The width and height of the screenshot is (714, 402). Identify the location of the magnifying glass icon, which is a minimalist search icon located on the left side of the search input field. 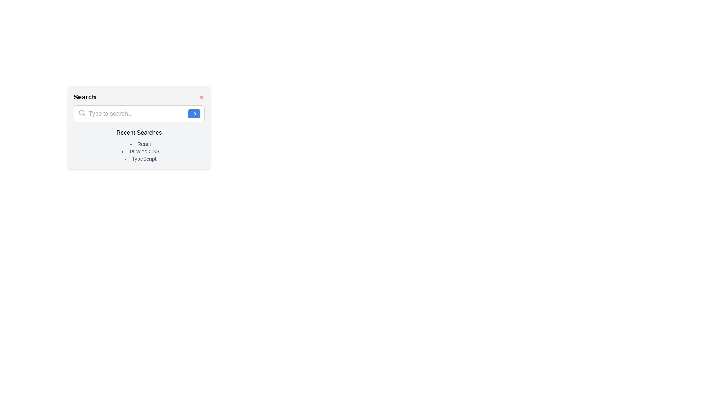
(82, 113).